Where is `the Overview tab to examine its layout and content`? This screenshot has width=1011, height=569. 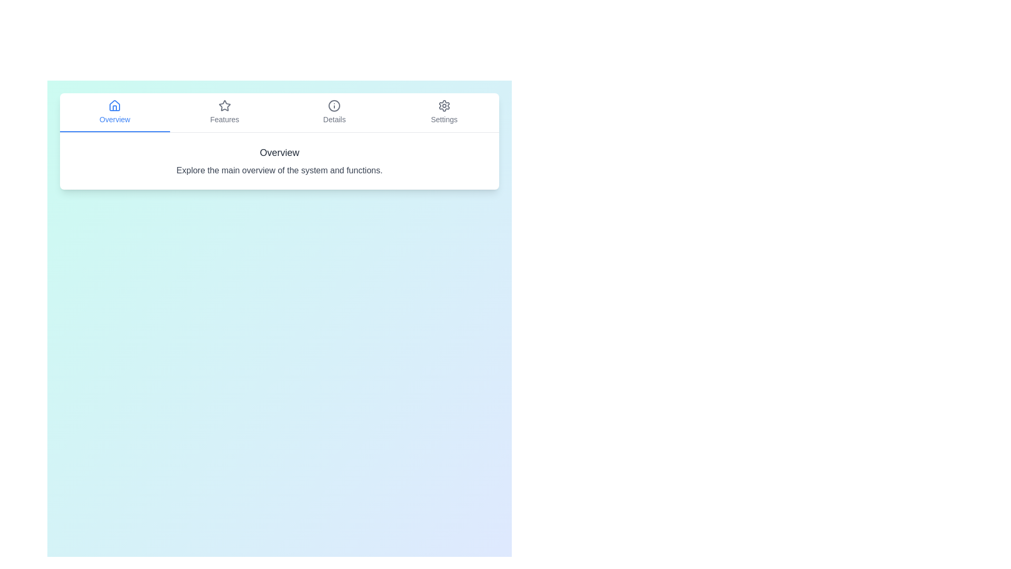 the Overview tab to examine its layout and content is located at coordinates (115, 112).